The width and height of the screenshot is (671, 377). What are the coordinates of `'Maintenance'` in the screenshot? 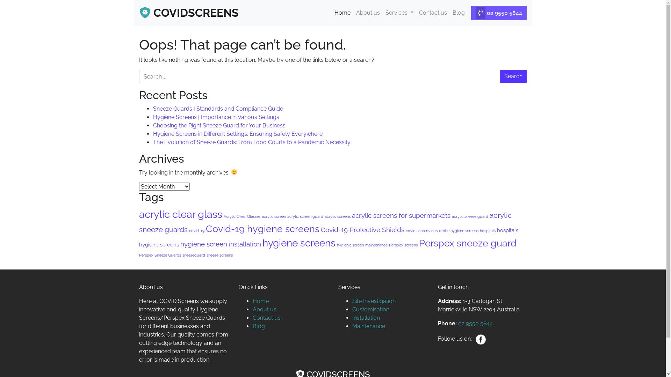 It's located at (368, 326).